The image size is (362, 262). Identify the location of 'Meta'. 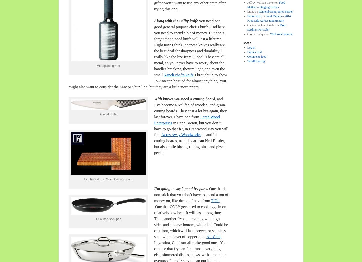
(243, 43).